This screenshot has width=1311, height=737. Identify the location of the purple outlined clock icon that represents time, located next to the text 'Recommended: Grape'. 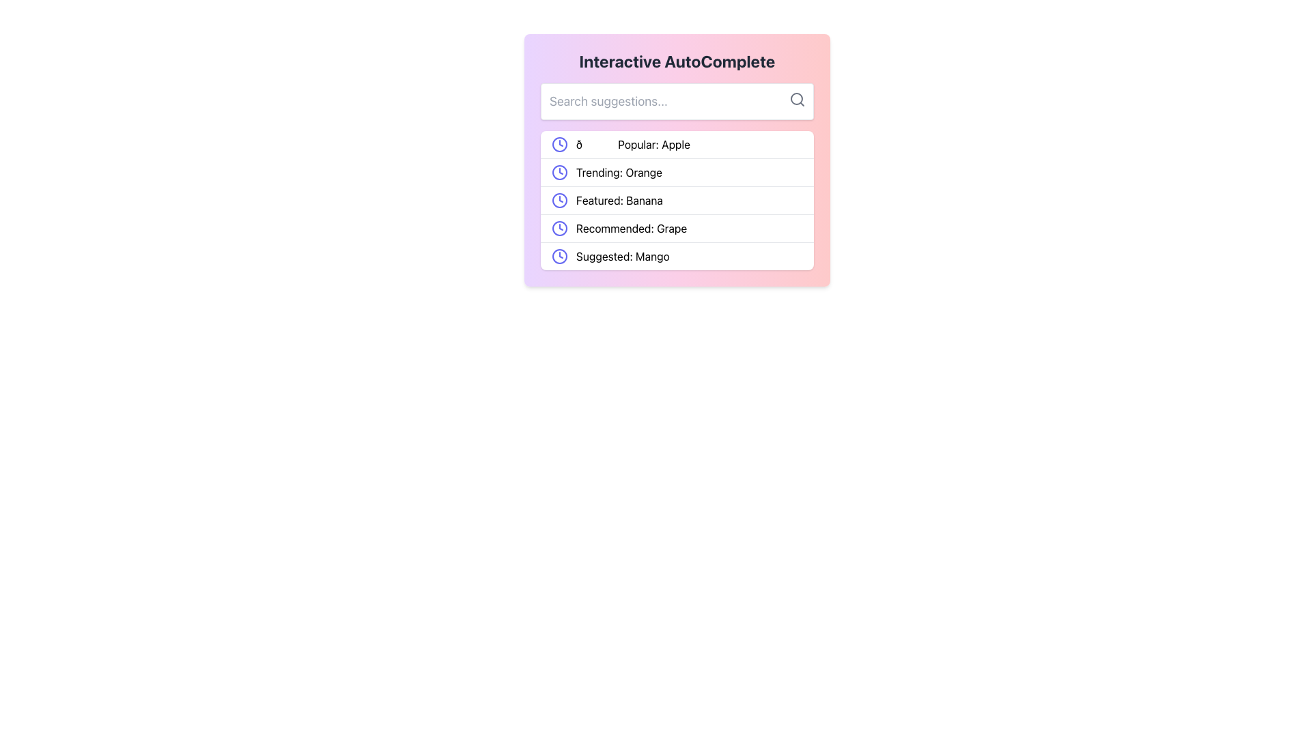
(560, 228).